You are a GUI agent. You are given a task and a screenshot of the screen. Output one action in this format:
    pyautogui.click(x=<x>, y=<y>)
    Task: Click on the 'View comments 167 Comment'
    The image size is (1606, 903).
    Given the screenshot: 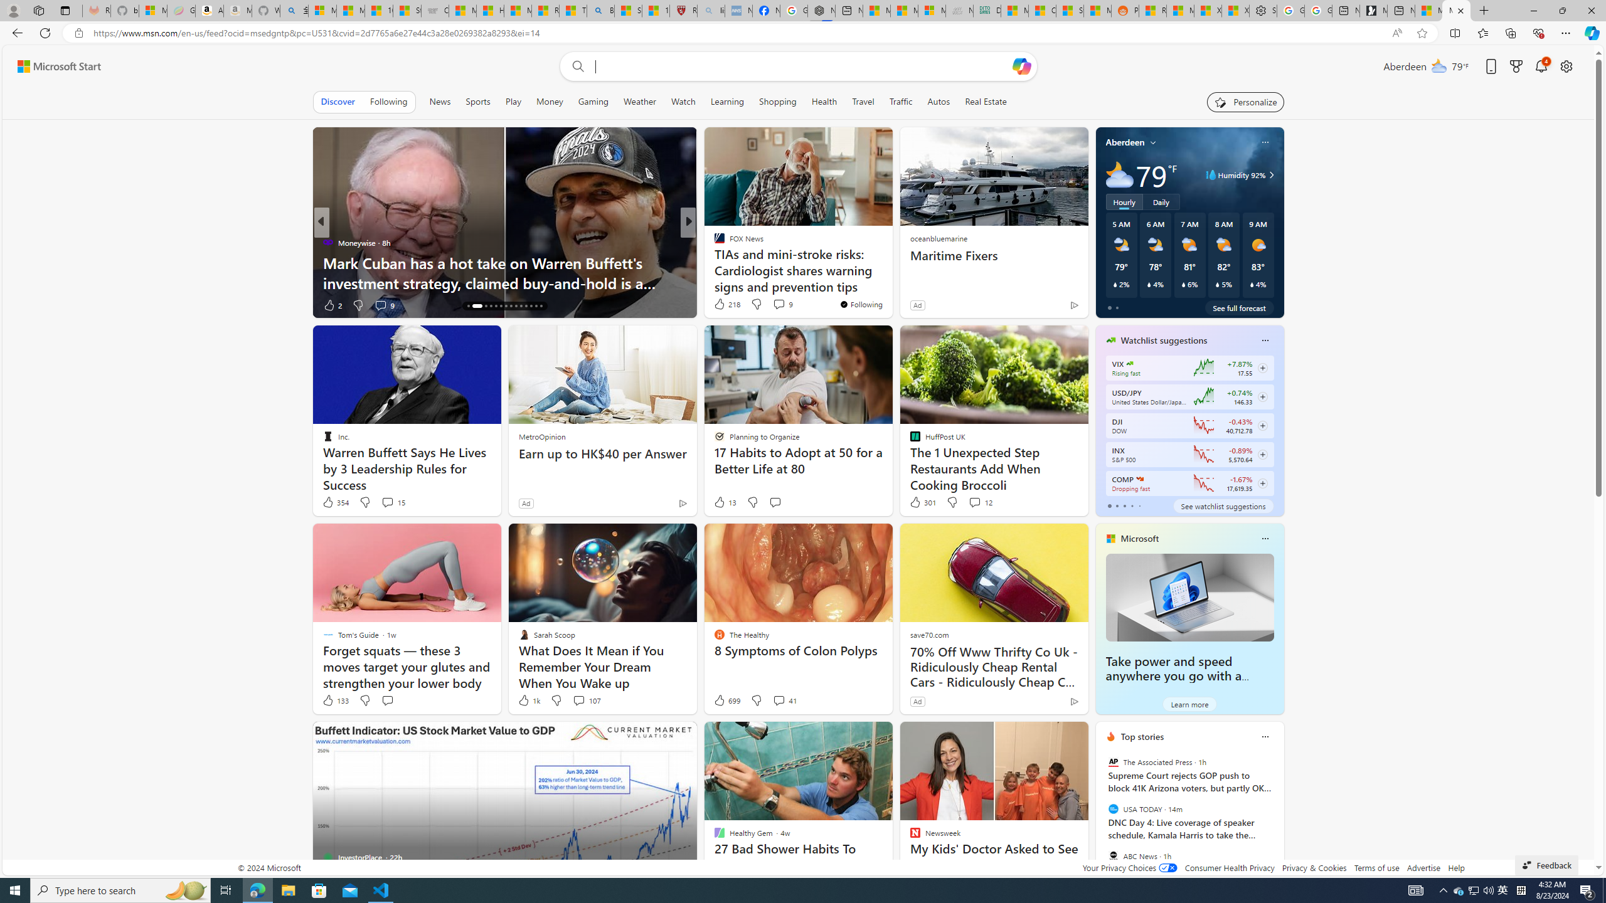 What is the action you would take?
    pyautogui.click(x=782, y=305)
    